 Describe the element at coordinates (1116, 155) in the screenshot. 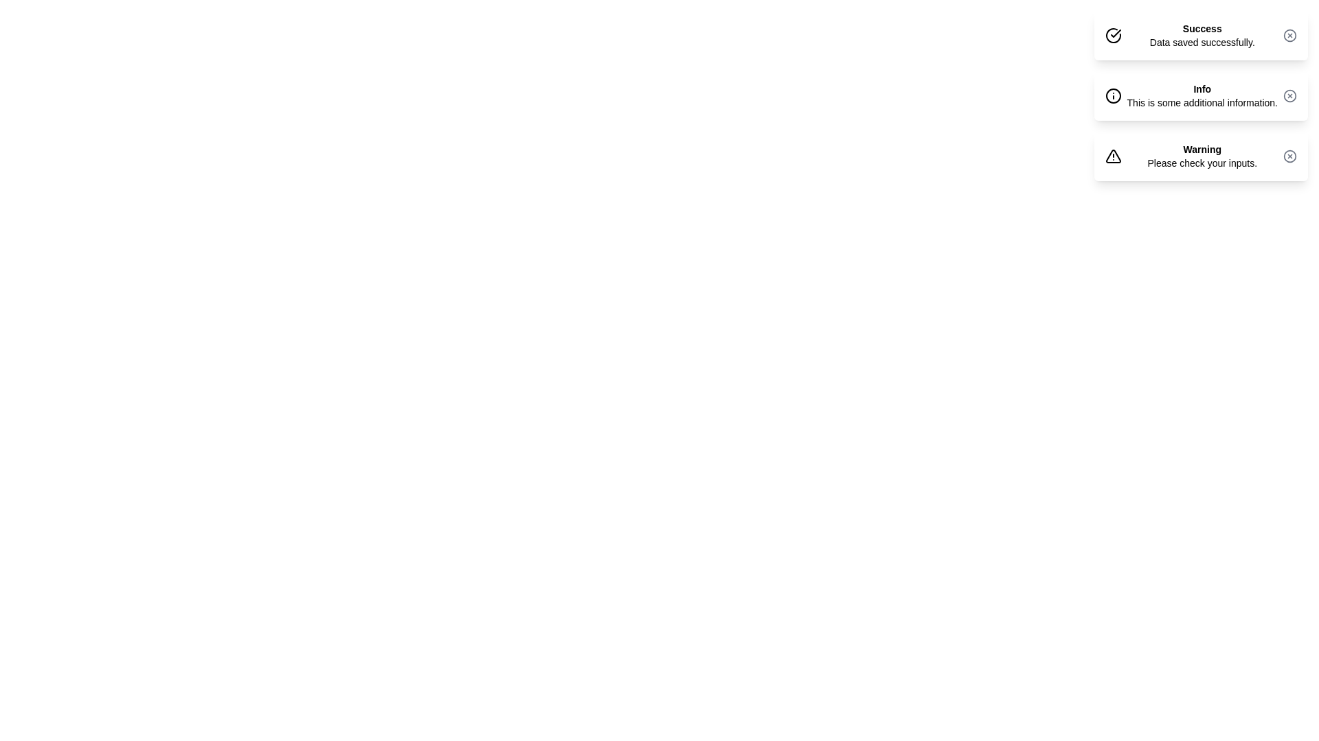

I see `the small triangular warning icon located on the leftmost side of the third warning notification panel that contains the text 'Warning' and 'Please check your inputs.'` at that location.